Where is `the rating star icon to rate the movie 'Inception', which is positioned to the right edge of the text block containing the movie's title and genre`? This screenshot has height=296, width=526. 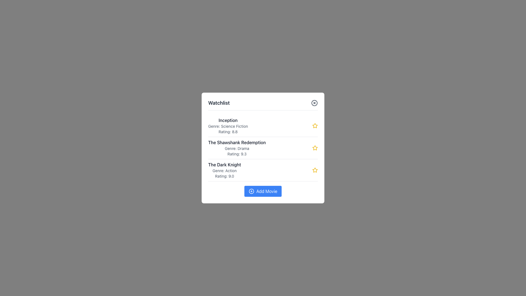 the rating star icon to rate the movie 'Inception', which is positioned to the right edge of the text block containing the movie's title and genre is located at coordinates (315, 126).